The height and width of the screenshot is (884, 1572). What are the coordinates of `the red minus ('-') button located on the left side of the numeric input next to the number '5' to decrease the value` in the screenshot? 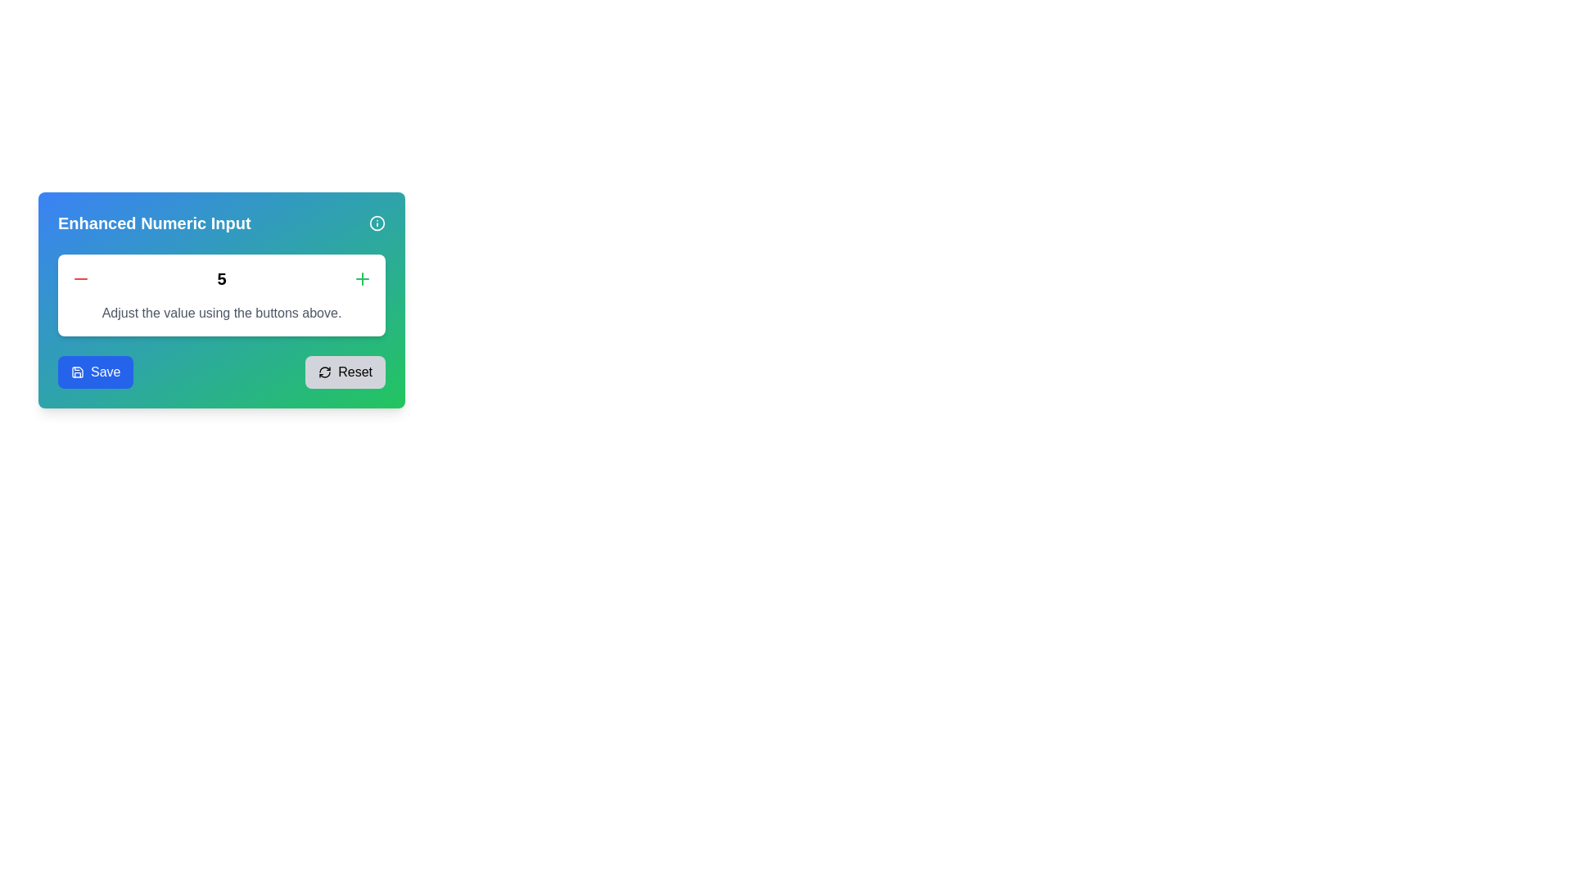 It's located at (80, 277).